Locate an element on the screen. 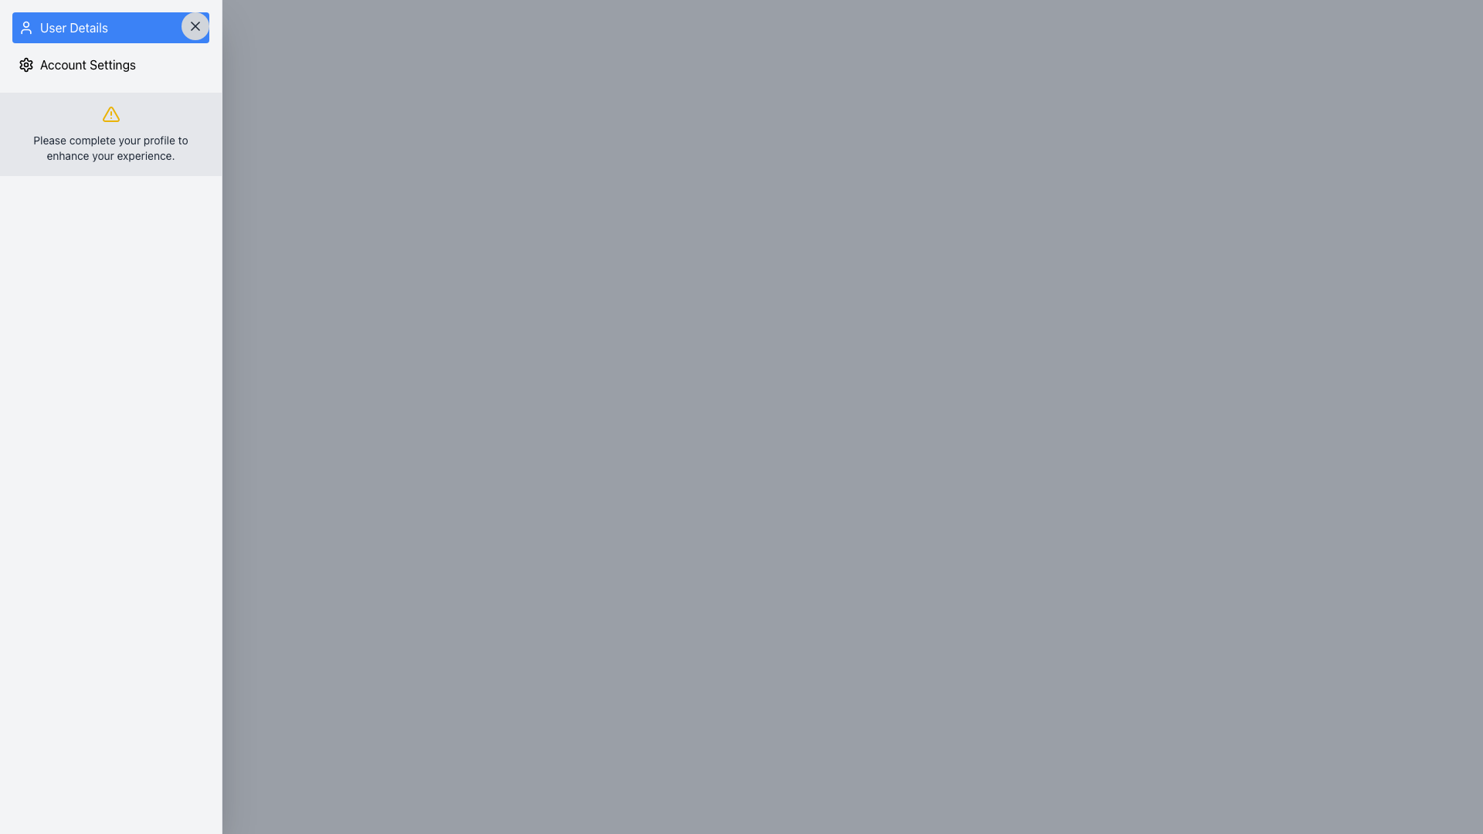 The image size is (1483, 834). the text element displaying the message 'Please complete your profile to enhance your experience.' located below a triangular alert icon in the bottom center of the sidebar is located at coordinates (110, 148).